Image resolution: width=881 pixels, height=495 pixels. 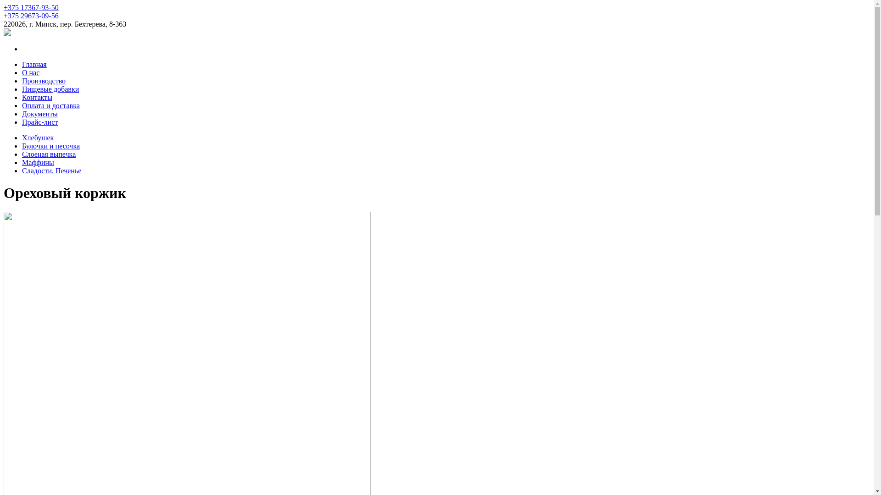 What do you see at coordinates (4, 16) in the screenshot?
I see `'+375 29673-09-56'` at bounding box center [4, 16].